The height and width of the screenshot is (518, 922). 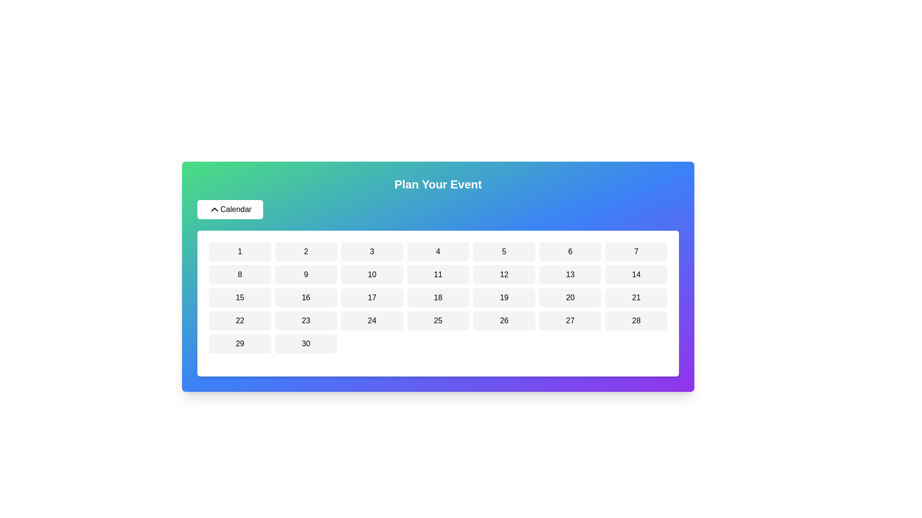 I want to click on the button labeled '19', which is a rectangular button with rounded corners and a light gray color, so click(x=504, y=297).